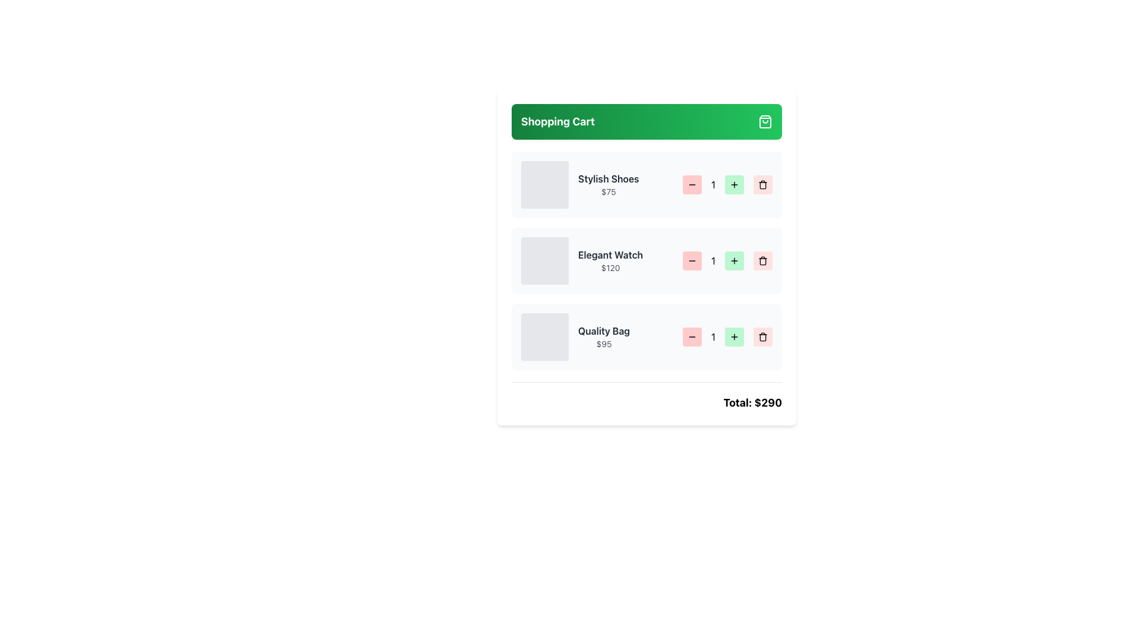 The width and height of the screenshot is (1141, 642). Describe the element at coordinates (609, 178) in the screenshot. I see `the product title text label in the shopping cart, which is positioned to the right of the image placeholder and above the price label` at that location.